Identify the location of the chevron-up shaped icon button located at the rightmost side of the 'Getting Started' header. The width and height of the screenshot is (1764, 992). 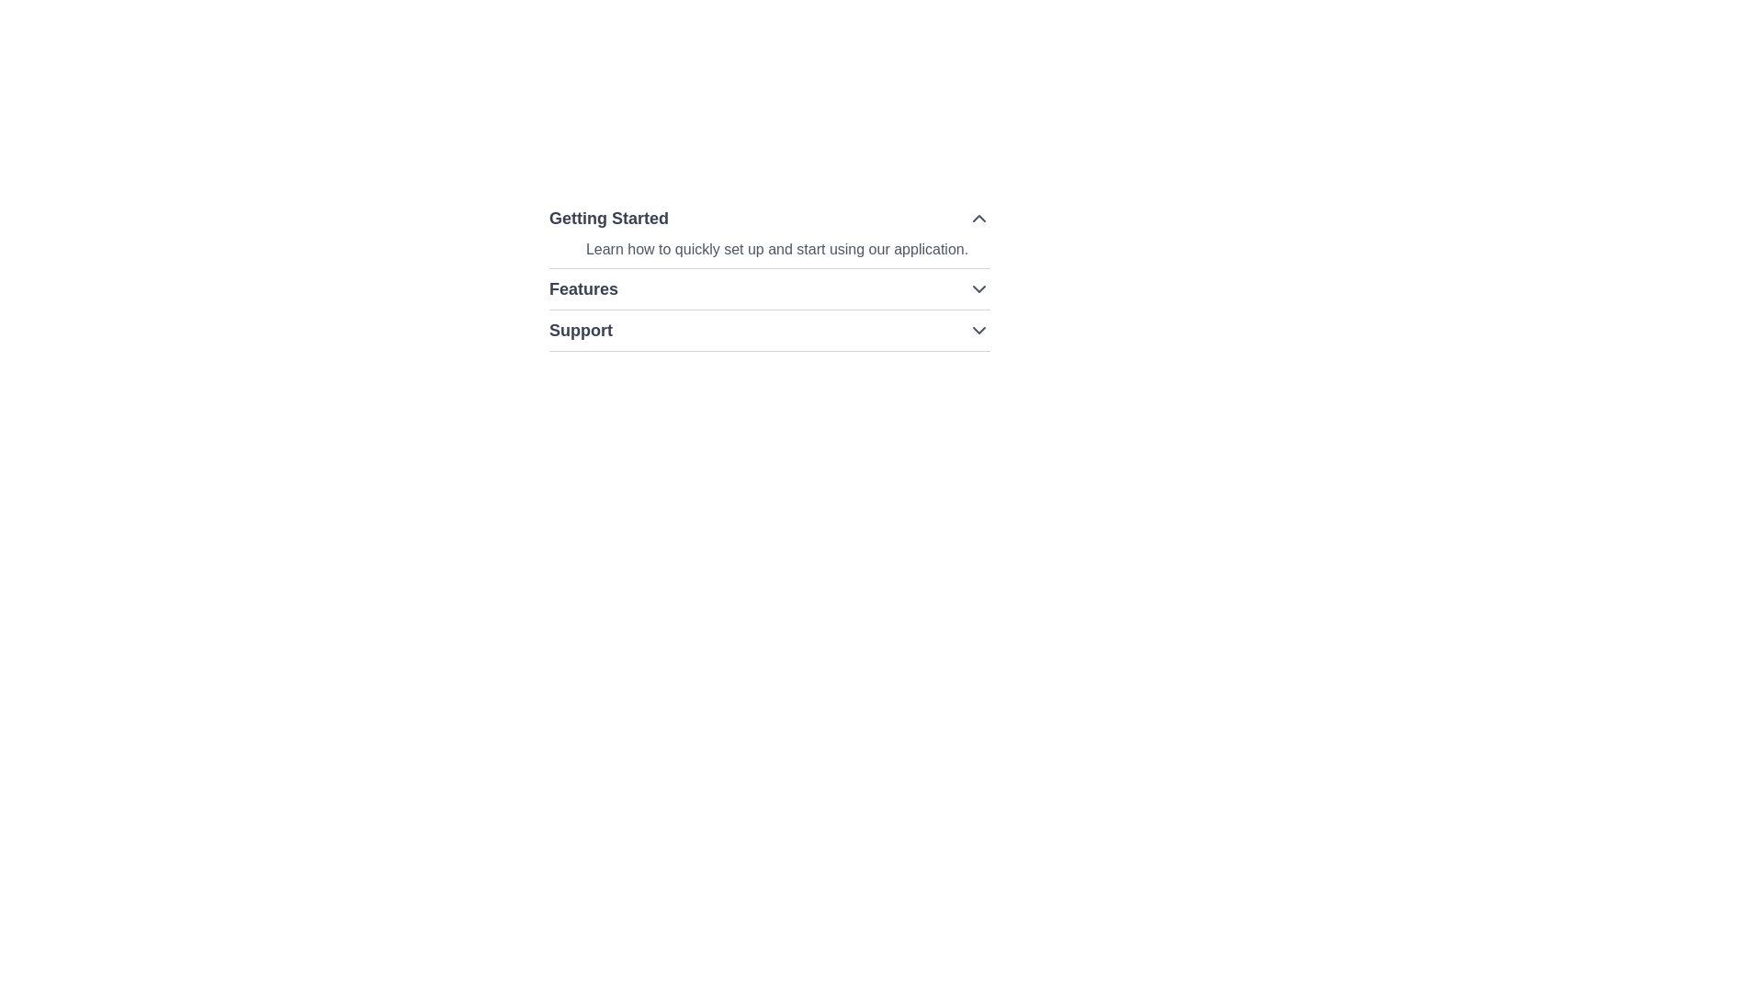
(978, 218).